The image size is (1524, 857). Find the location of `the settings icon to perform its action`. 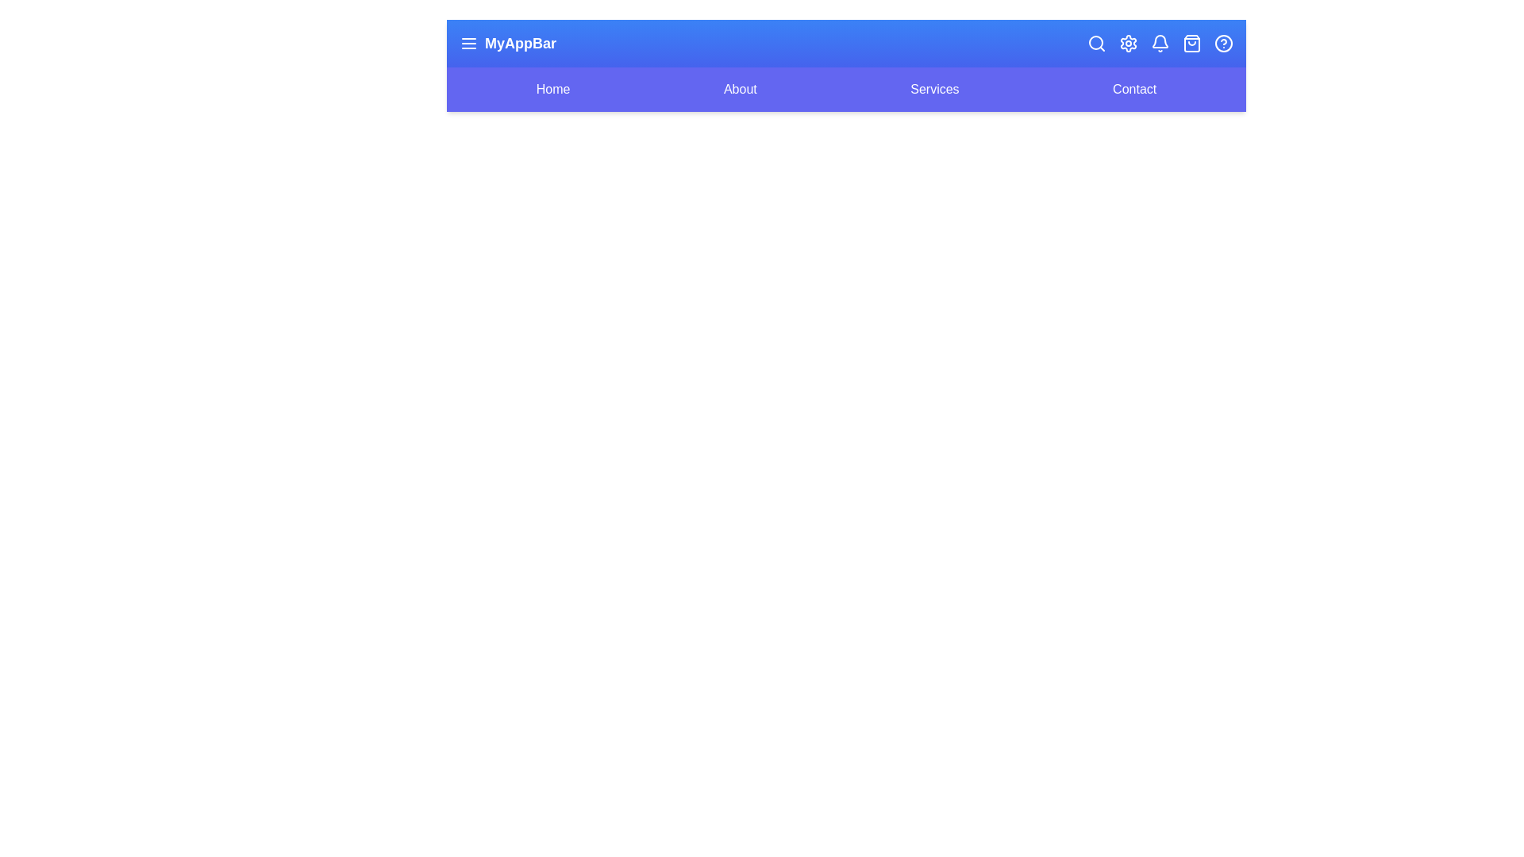

the settings icon to perform its action is located at coordinates (1127, 42).